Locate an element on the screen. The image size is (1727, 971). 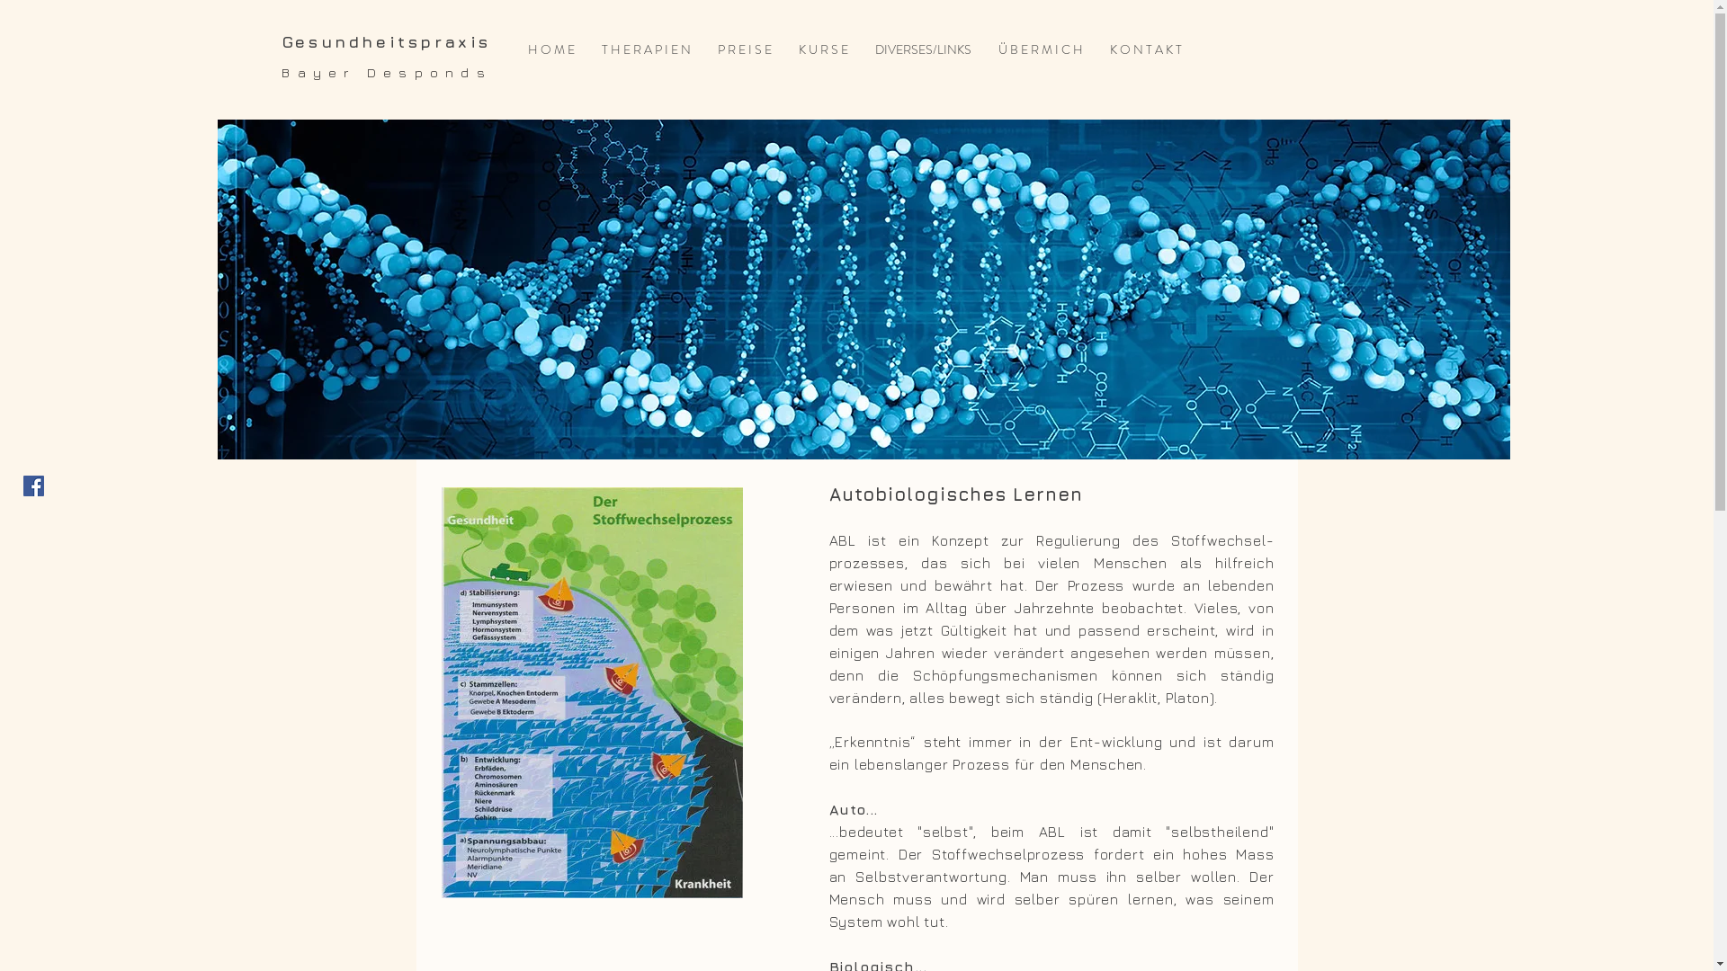
'DIVERSES/LINKS' is located at coordinates (923, 49).